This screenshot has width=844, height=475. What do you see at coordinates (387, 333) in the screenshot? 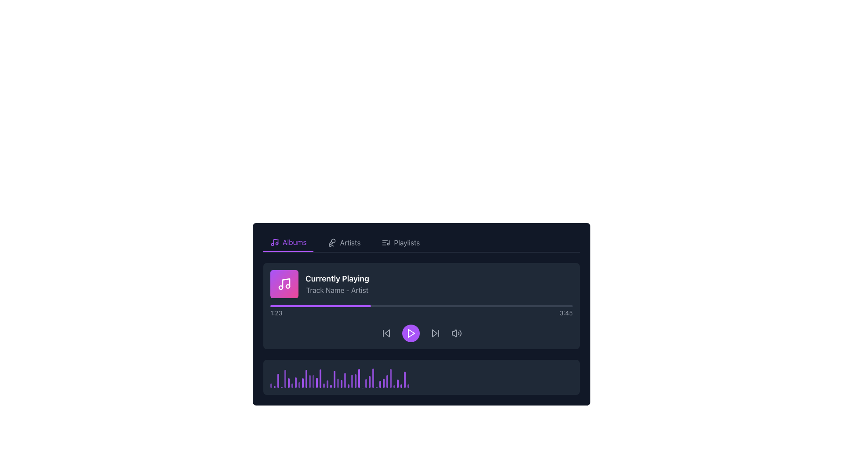
I see `the triangular 'skip back' icon located on the playback controls bar` at bounding box center [387, 333].